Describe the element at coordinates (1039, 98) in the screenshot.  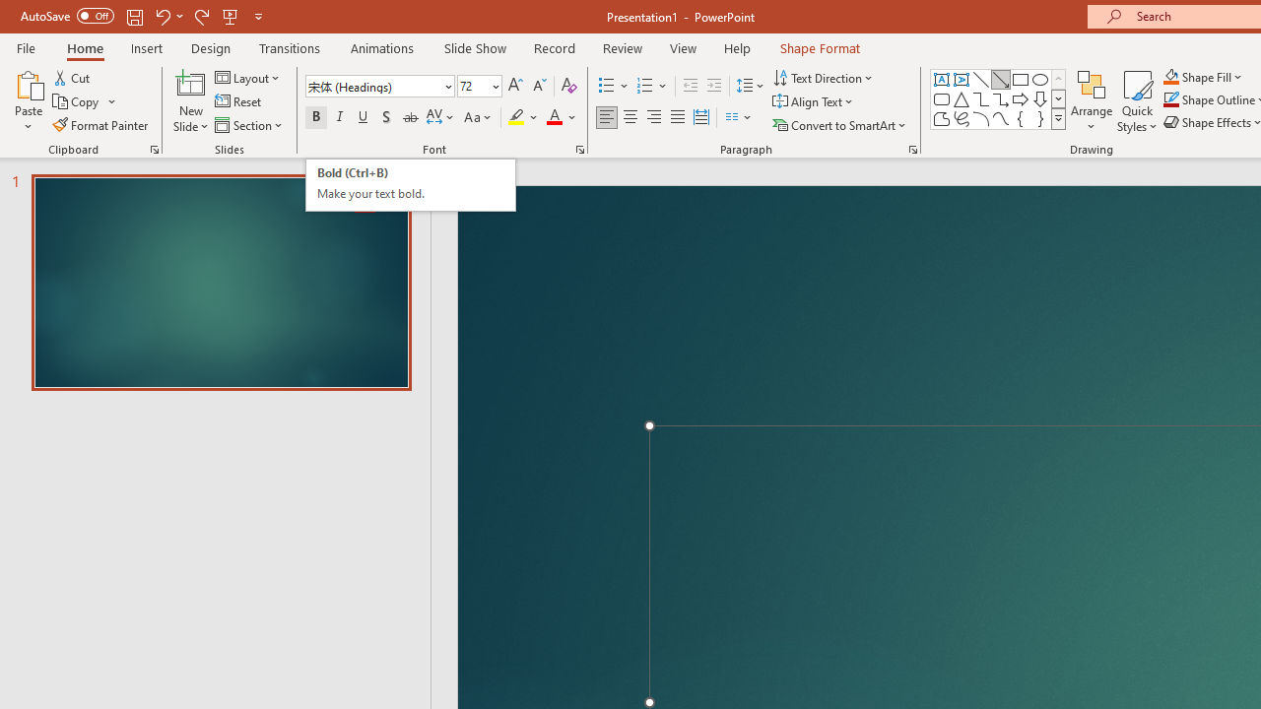
I see `'Arrow: Down'` at that location.